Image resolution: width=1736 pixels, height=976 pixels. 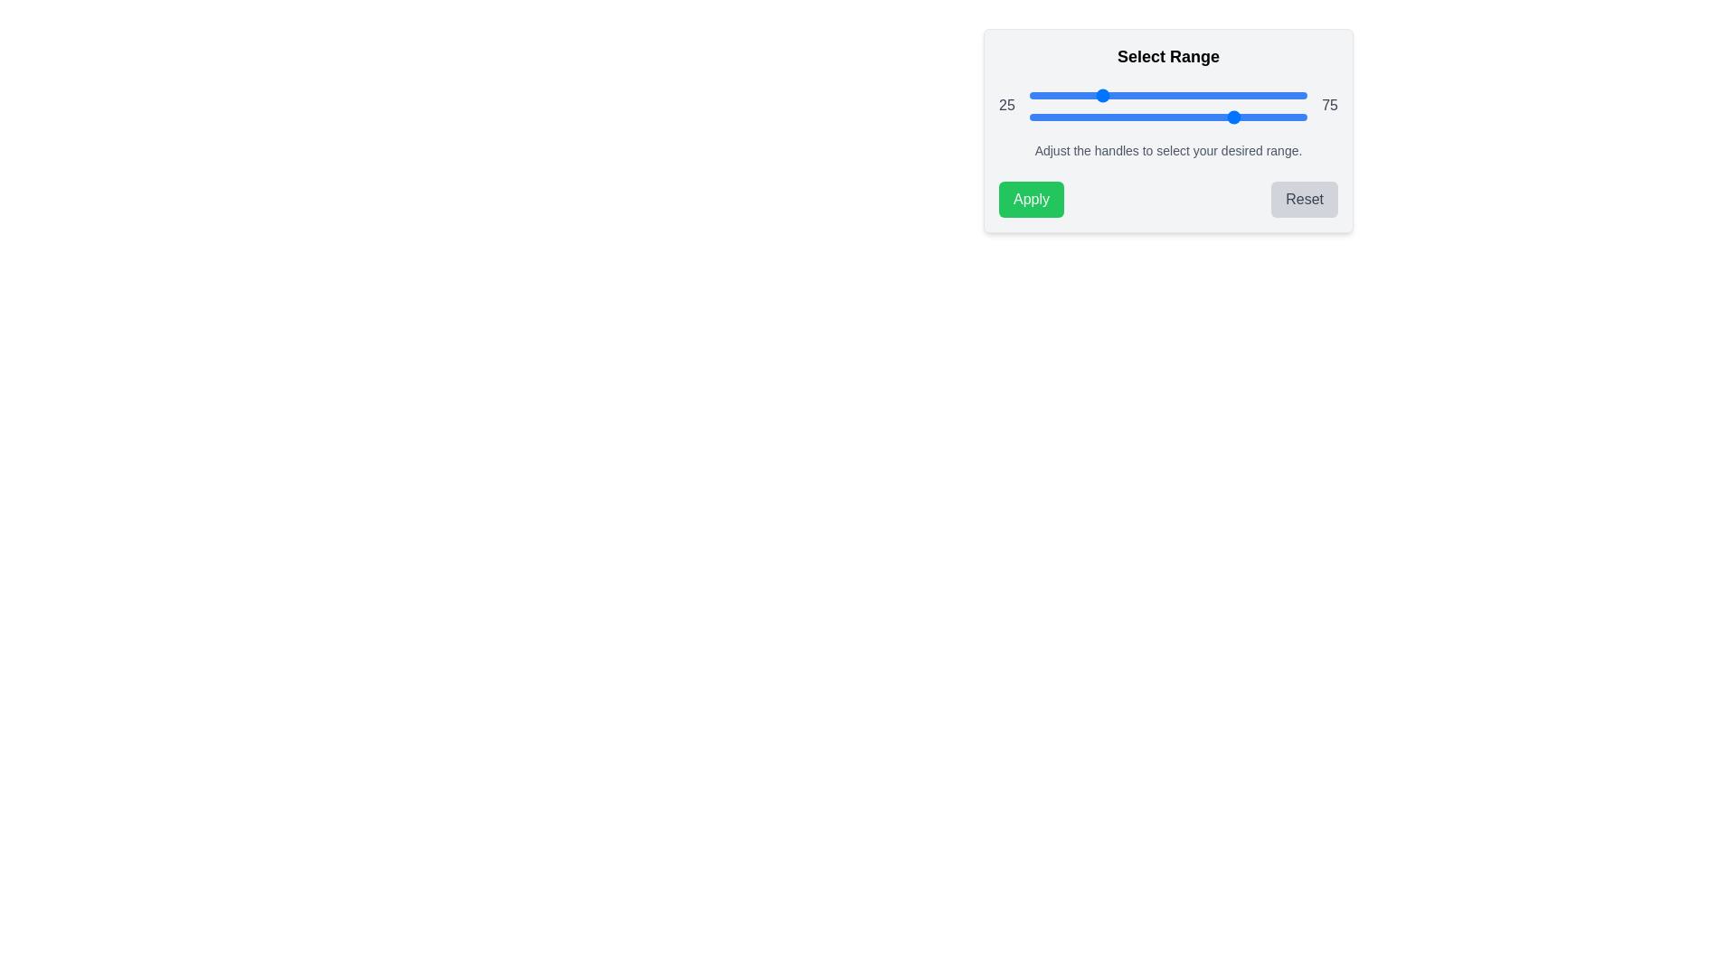 What do you see at coordinates (1330, 105) in the screenshot?
I see `the static text label displaying the value '75', which is styled in dark gray and positioned to the right of a blue slider bar` at bounding box center [1330, 105].